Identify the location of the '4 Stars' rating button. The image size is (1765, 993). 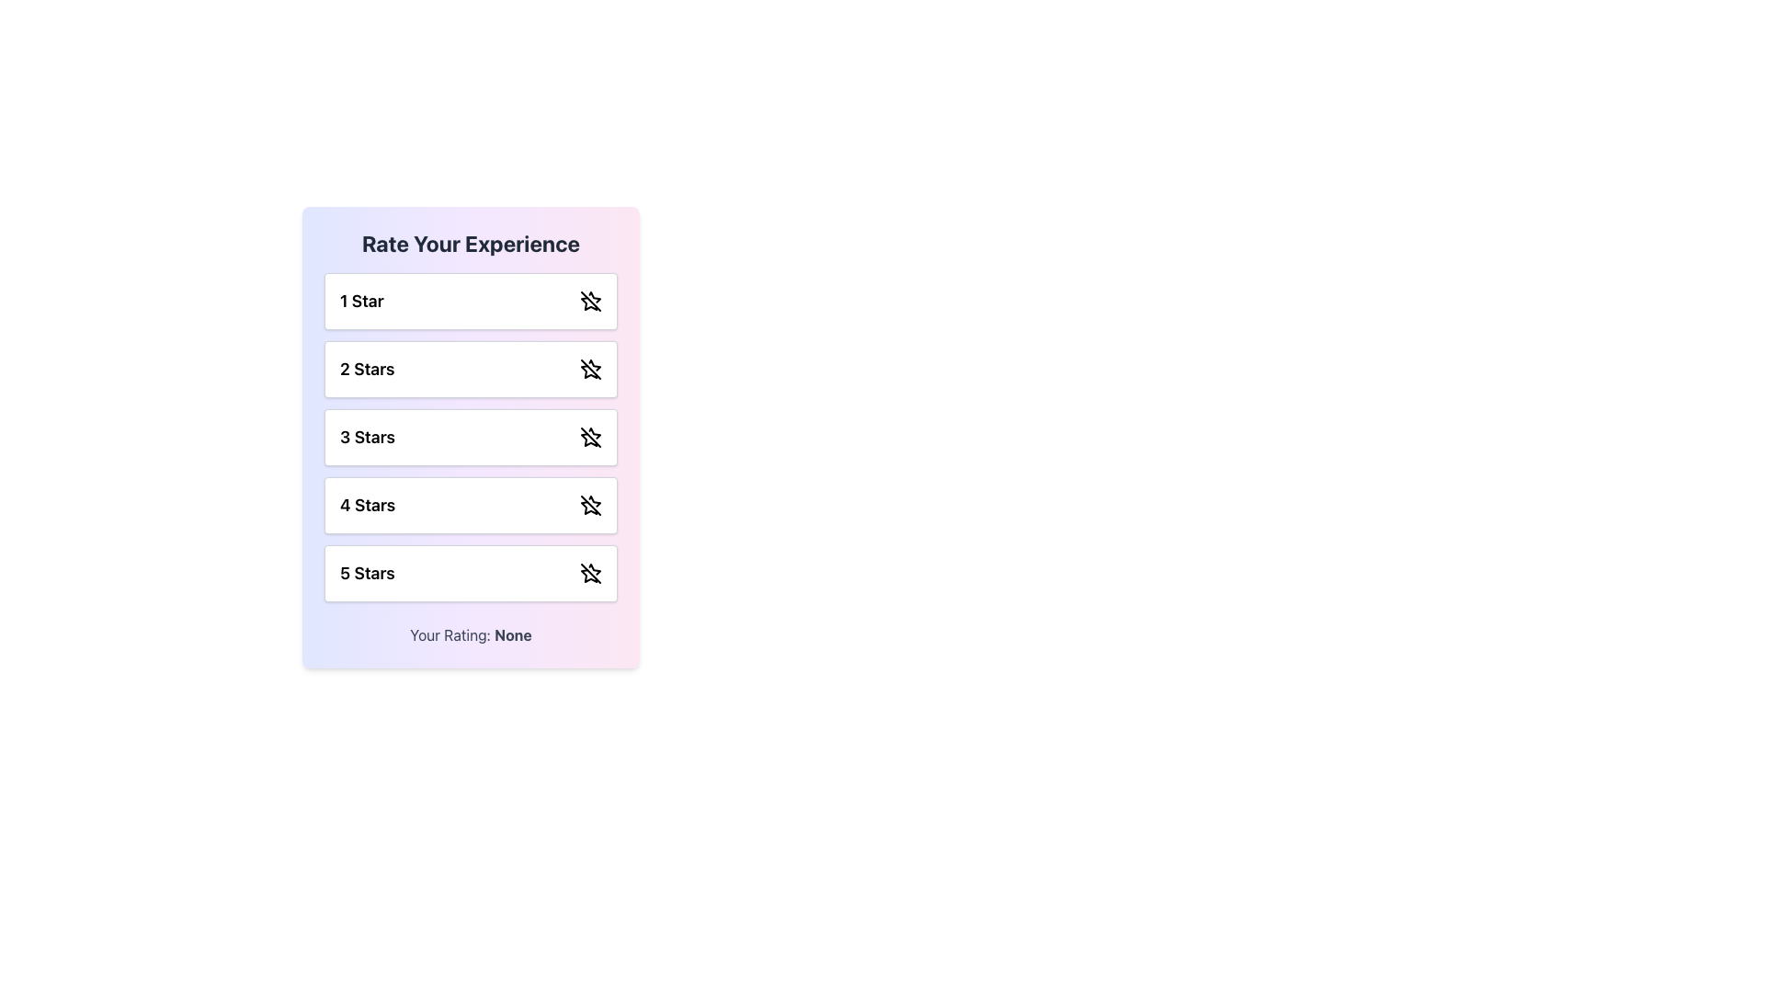
(471, 506).